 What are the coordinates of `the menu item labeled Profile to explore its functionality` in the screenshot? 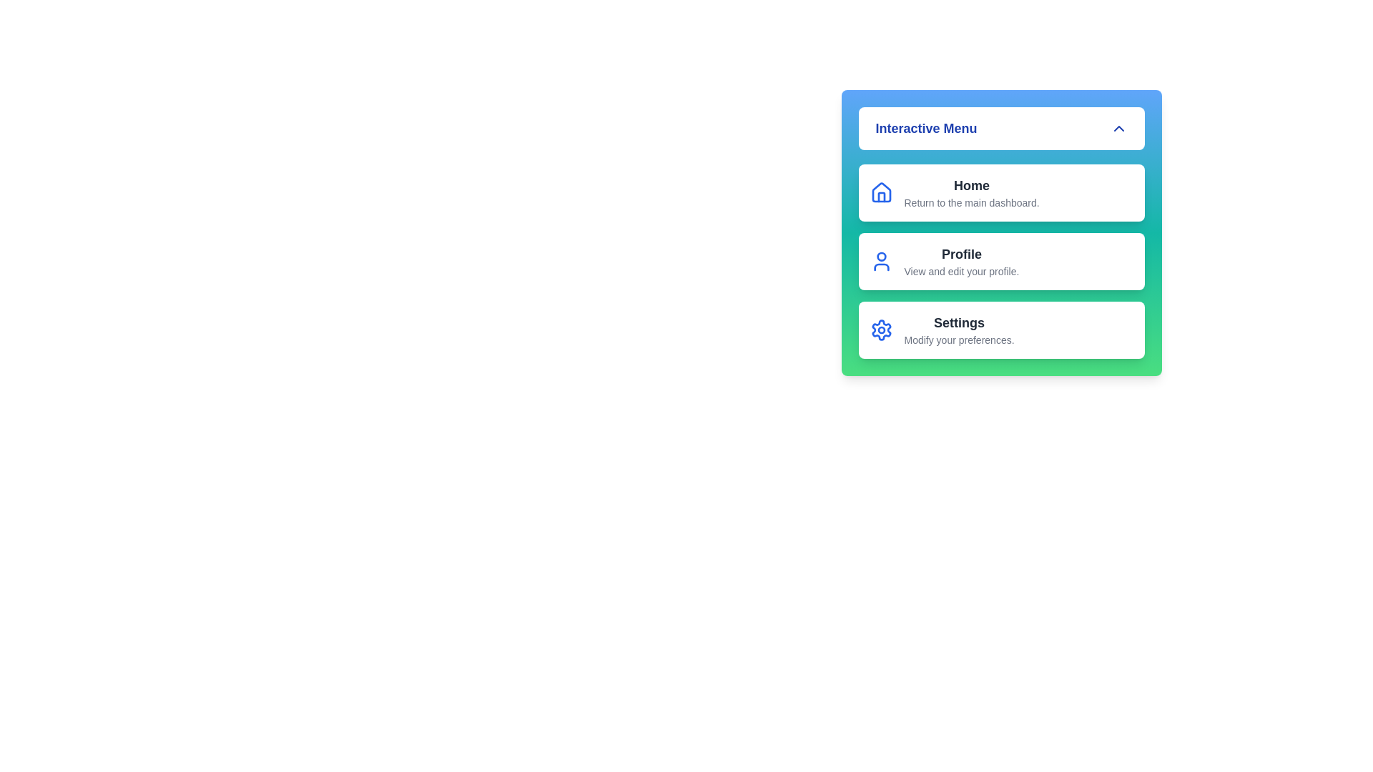 It's located at (1000, 262).